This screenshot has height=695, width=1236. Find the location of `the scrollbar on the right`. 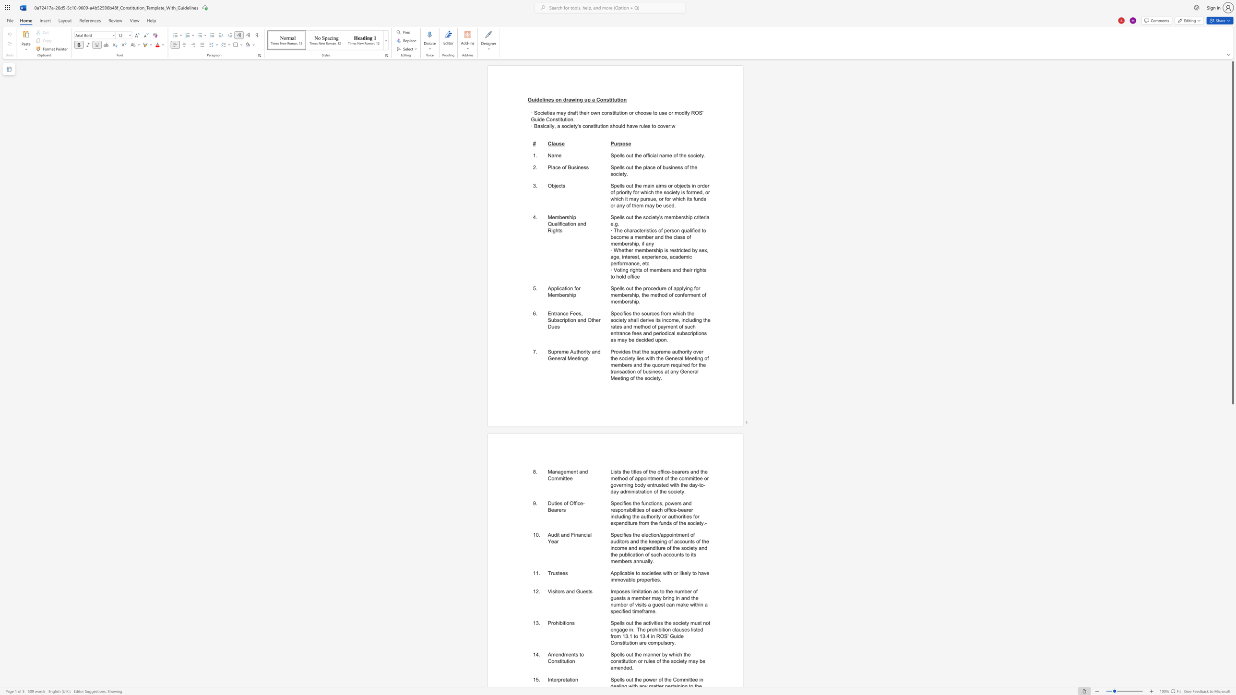

the scrollbar on the right is located at coordinates (1232, 514).